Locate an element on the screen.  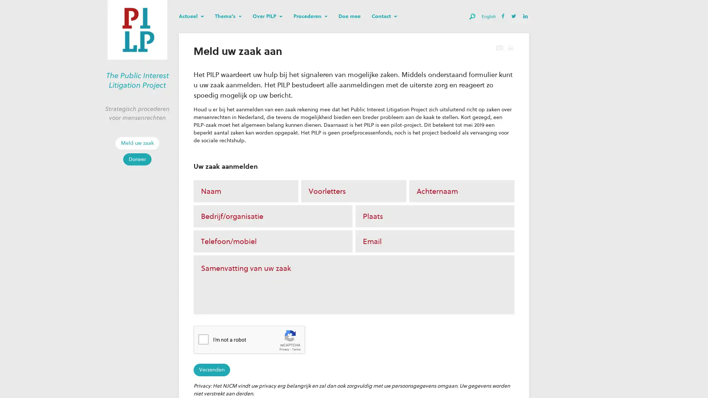
Verzenden is located at coordinates (211, 370).